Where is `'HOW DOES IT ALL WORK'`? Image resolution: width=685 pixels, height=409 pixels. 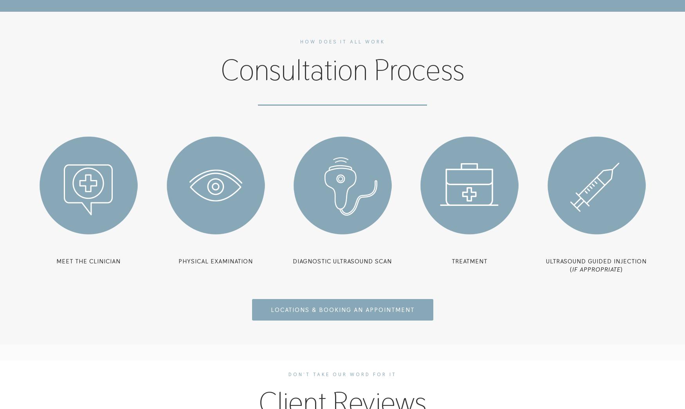
'HOW DOES IT ALL WORK' is located at coordinates (299, 41).